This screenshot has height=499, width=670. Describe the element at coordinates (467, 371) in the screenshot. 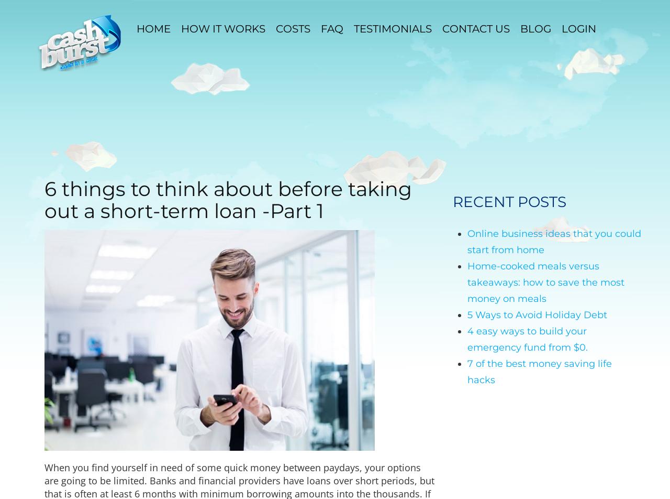

I see `'7 of the best money saving life hacks'` at that location.